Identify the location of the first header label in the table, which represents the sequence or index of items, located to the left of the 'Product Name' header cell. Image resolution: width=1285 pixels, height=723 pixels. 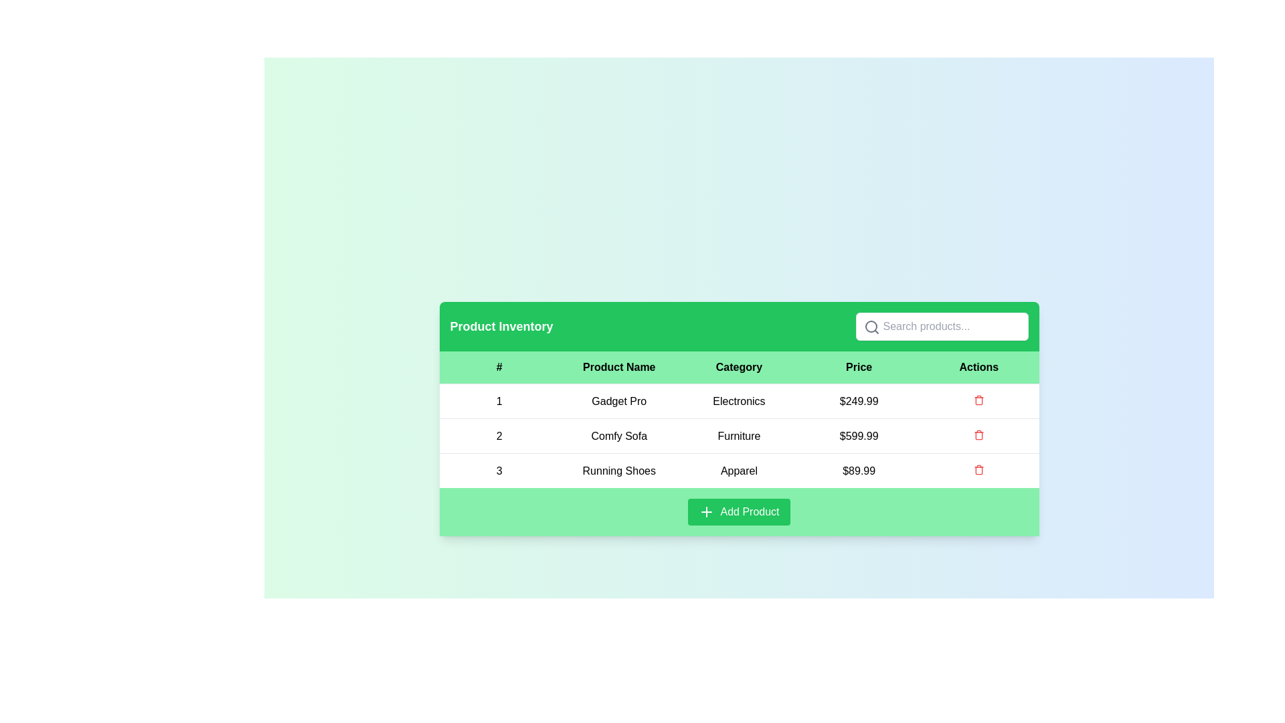
(499, 368).